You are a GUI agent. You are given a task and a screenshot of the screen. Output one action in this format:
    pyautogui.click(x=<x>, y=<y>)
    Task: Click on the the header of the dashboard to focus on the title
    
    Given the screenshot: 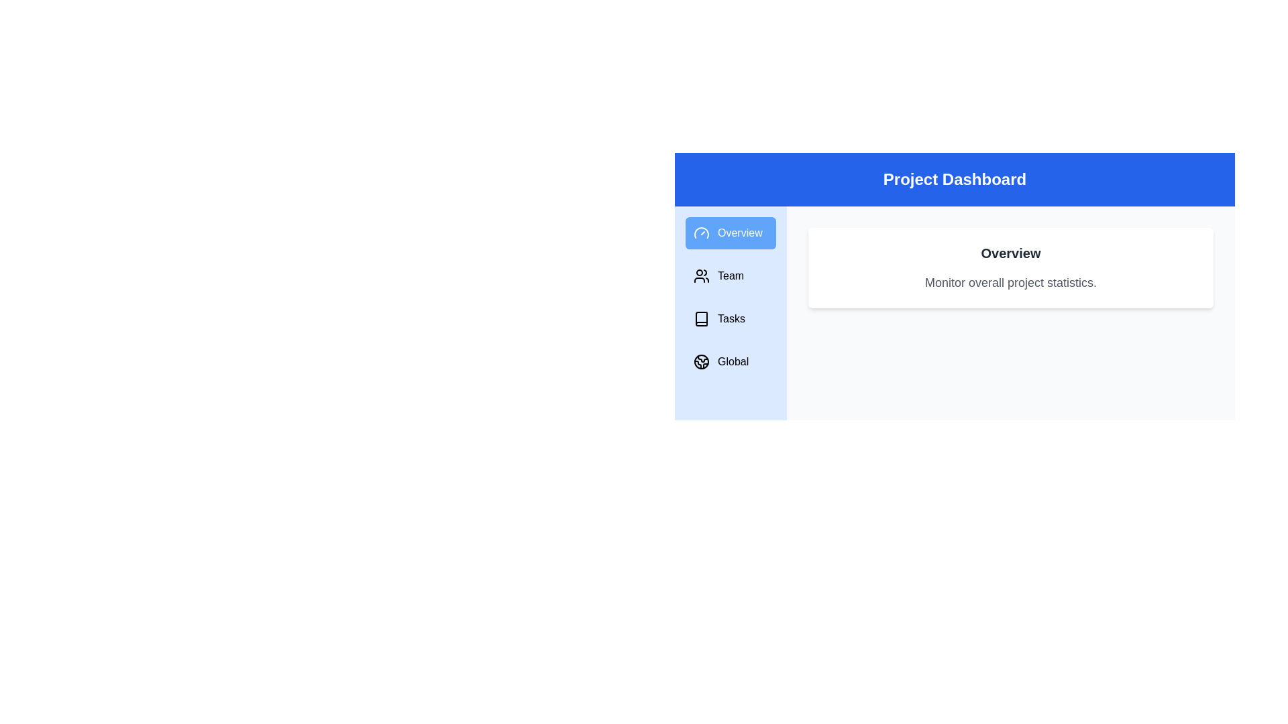 What is the action you would take?
    pyautogui.click(x=954, y=178)
    